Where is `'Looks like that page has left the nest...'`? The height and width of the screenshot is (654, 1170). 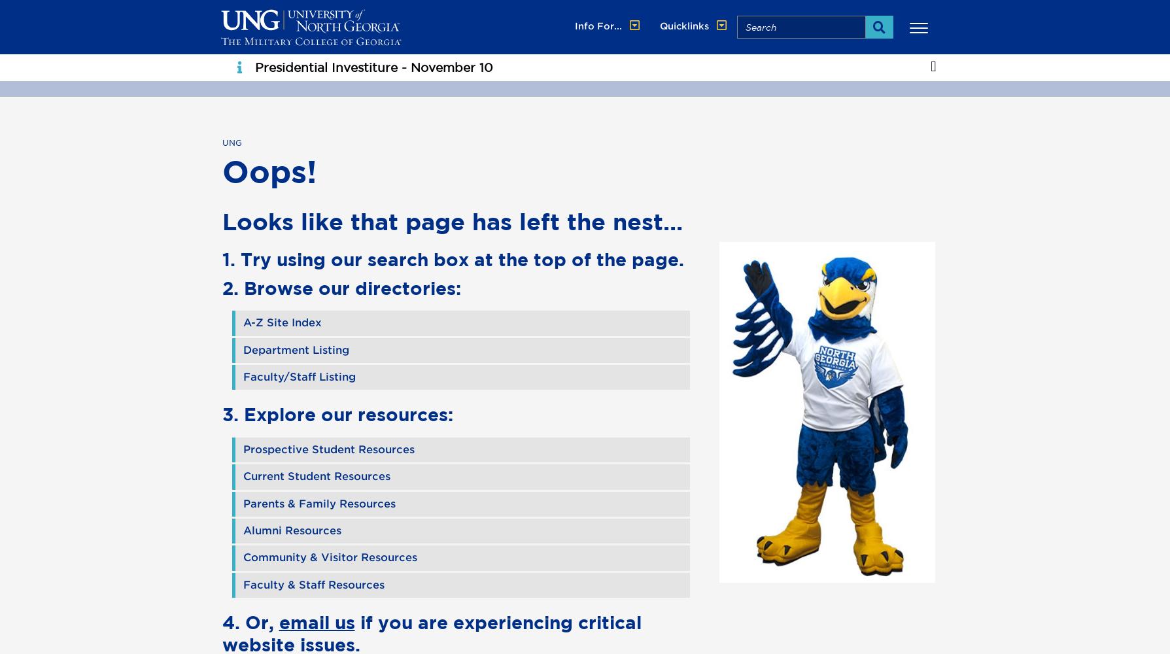
'Looks like that page has left the nest...' is located at coordinates (451, 220).